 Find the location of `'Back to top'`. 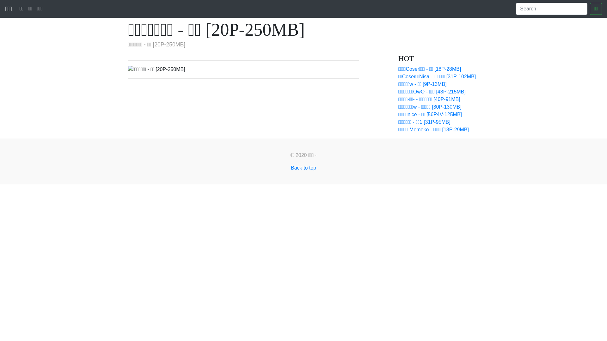

'Back to top' is located at coordinates (291, 167).